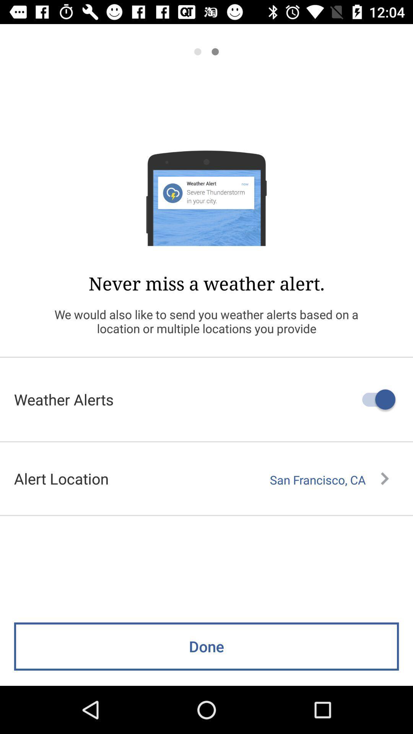  Describe the element at coordinates (329, 479) in the screenshot. I see `the san francisco, ca item` at that location.